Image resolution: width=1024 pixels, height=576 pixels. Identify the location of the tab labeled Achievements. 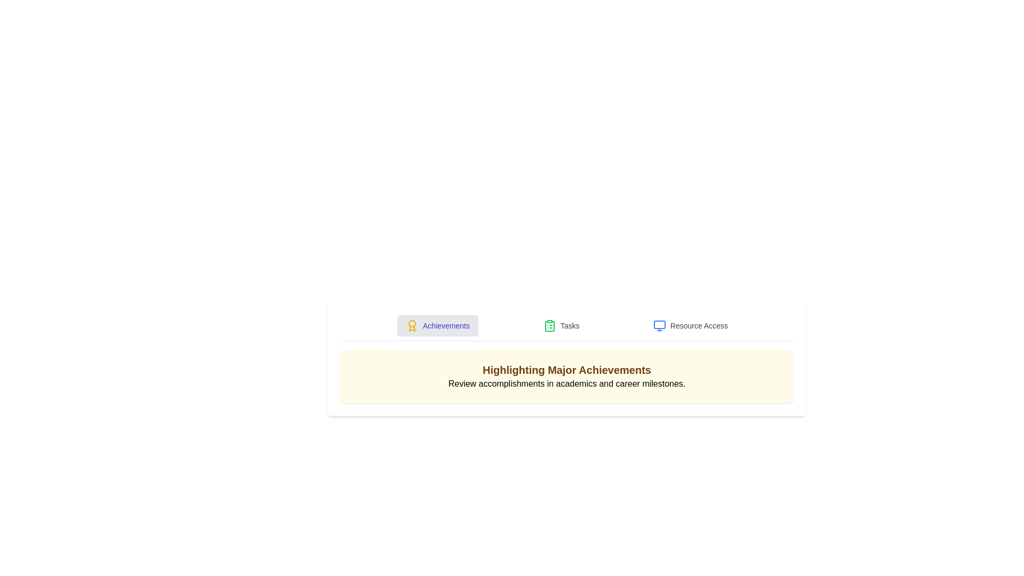
(437, 325).